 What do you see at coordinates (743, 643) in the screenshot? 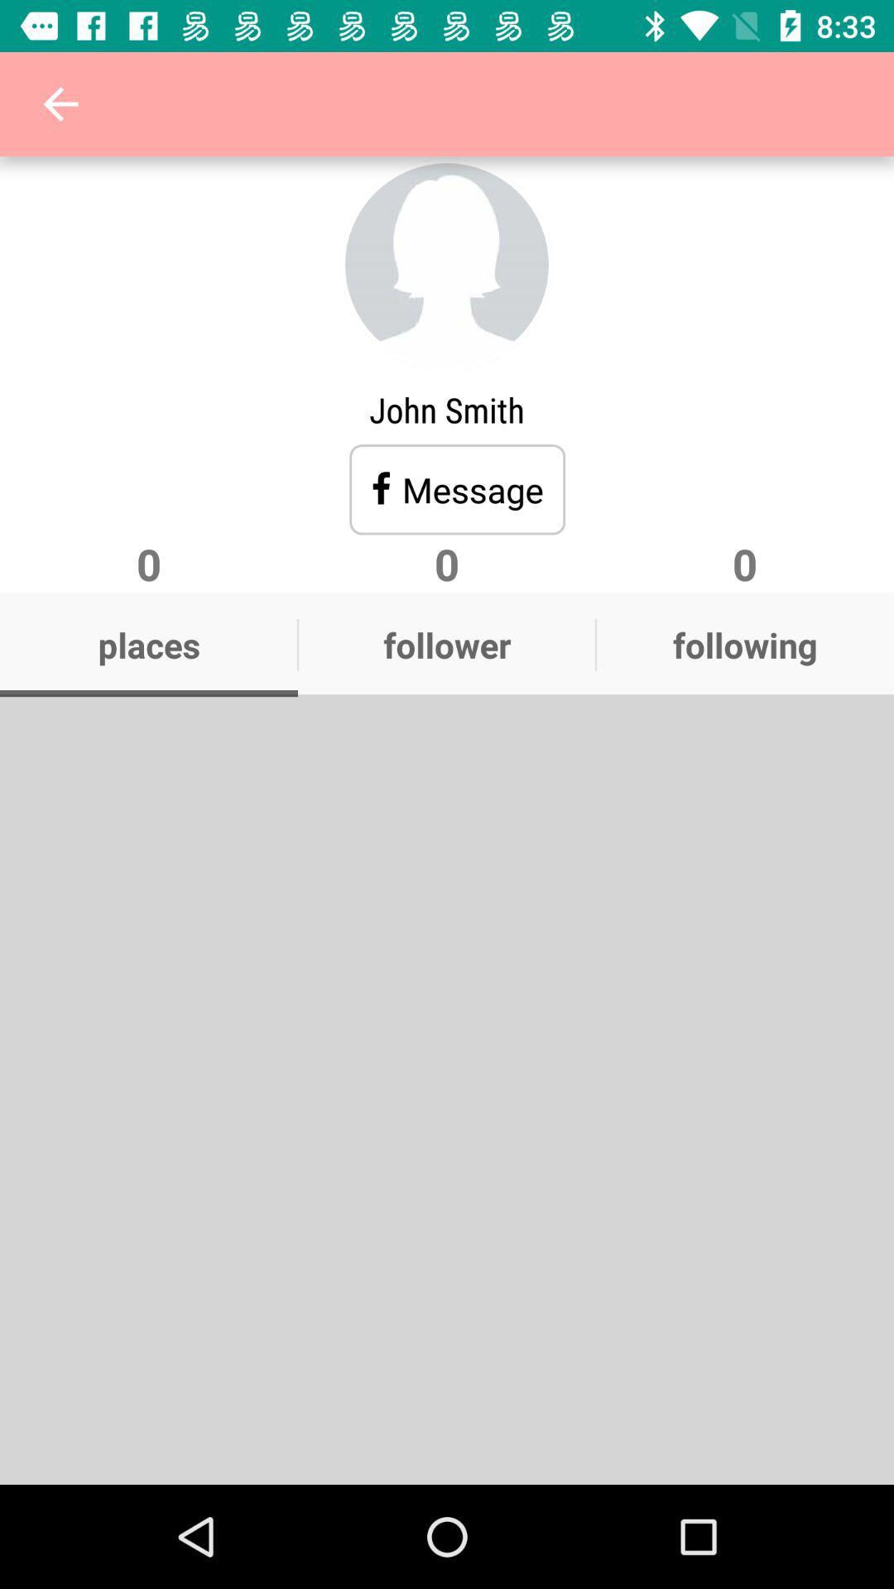
I see `the text following` at bounding box center [743, 643].